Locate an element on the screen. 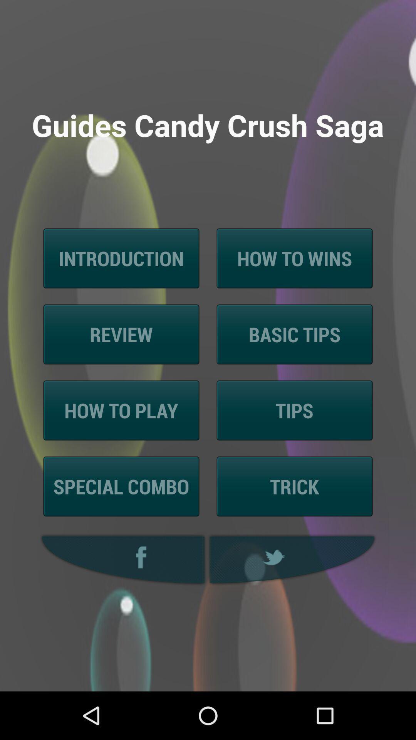  icon below the how to play icon is located at coordinates (121, 486).